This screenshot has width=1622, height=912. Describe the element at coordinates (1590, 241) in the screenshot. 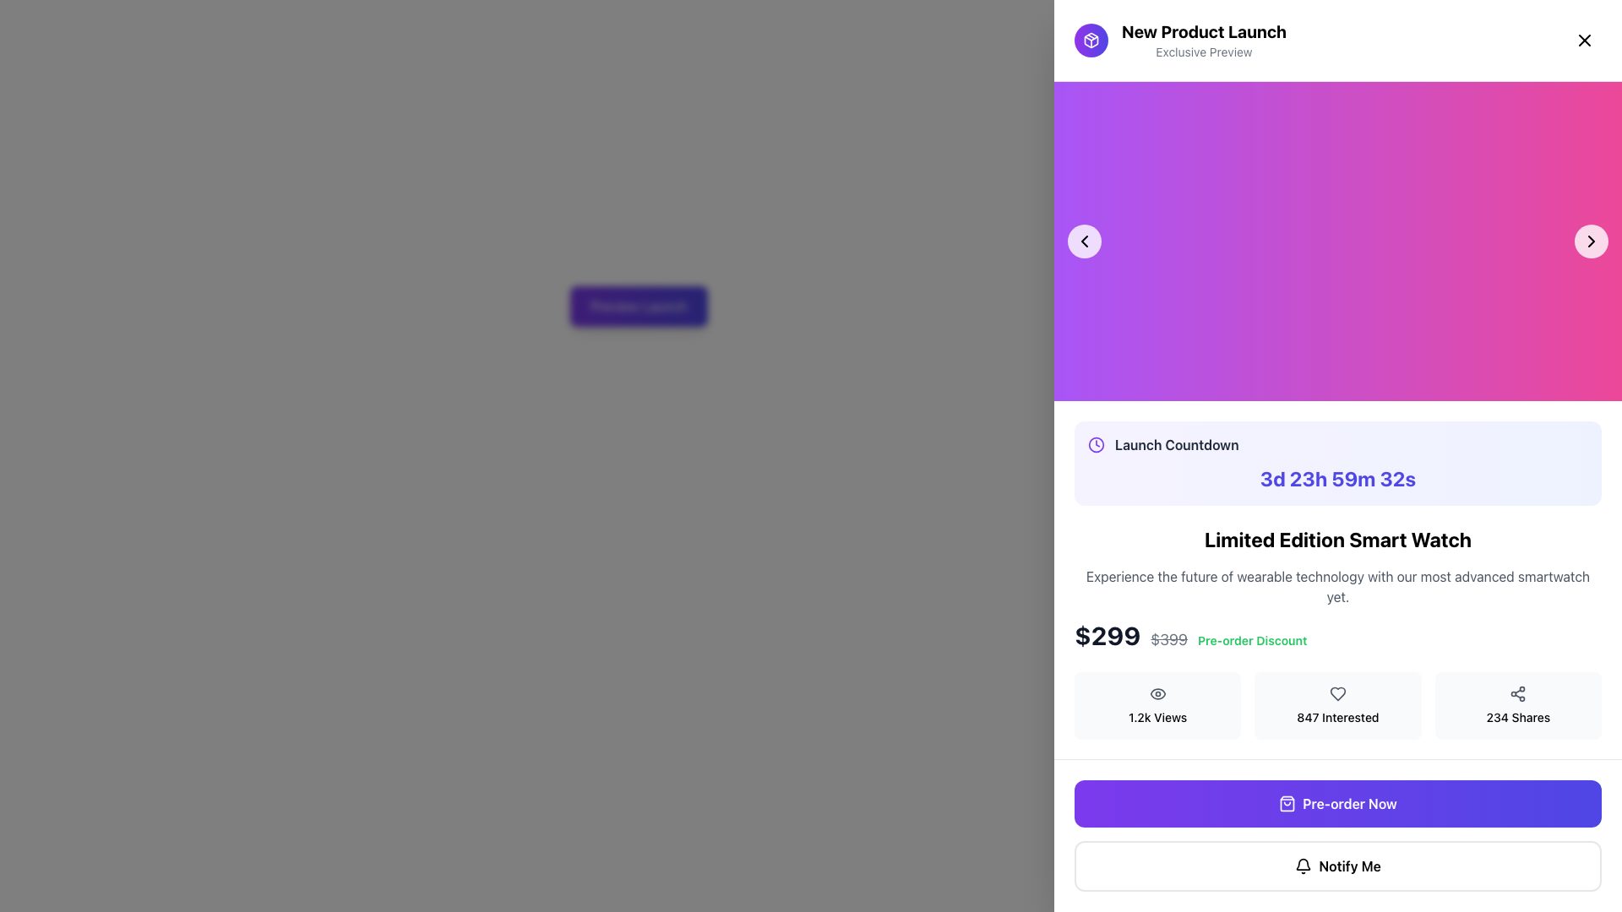

I see `the right-pointing chevron icon integrated within a circular button` at that location.